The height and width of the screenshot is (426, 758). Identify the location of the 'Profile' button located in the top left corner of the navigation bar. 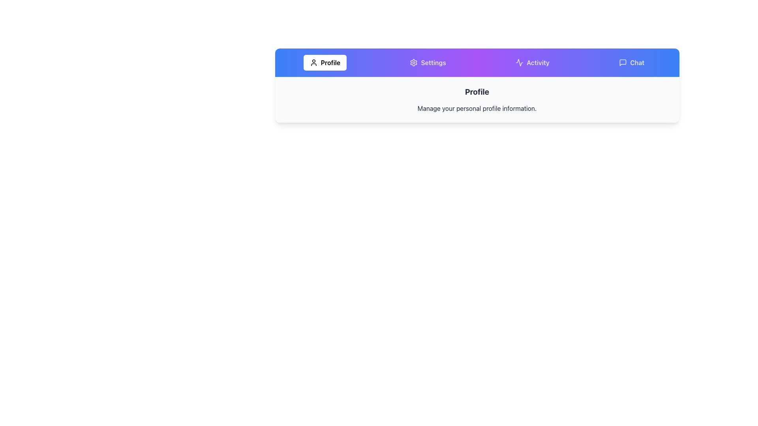
(325, 62).